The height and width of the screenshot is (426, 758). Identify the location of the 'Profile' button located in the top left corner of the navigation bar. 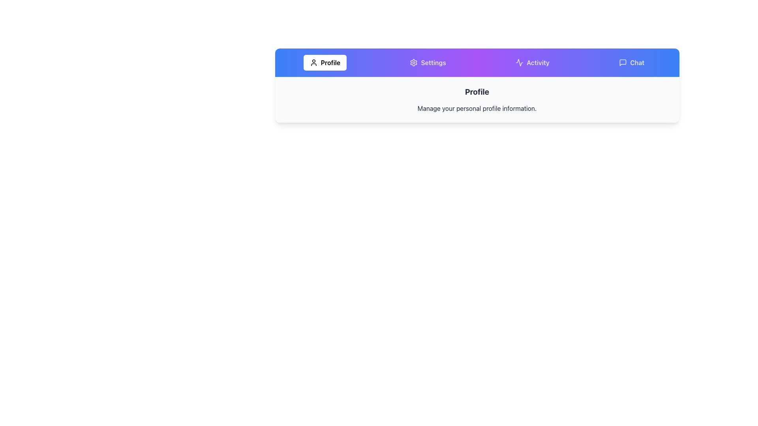
(325, 62).